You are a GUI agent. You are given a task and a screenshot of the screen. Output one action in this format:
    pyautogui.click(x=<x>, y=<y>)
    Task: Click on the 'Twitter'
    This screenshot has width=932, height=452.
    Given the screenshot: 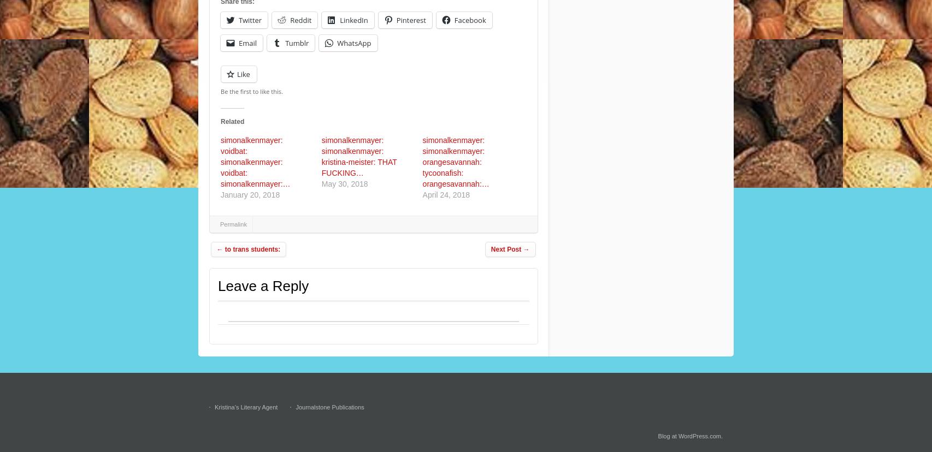 What is the action you would take?
    pyautogui.click(x=250, y=20)
    